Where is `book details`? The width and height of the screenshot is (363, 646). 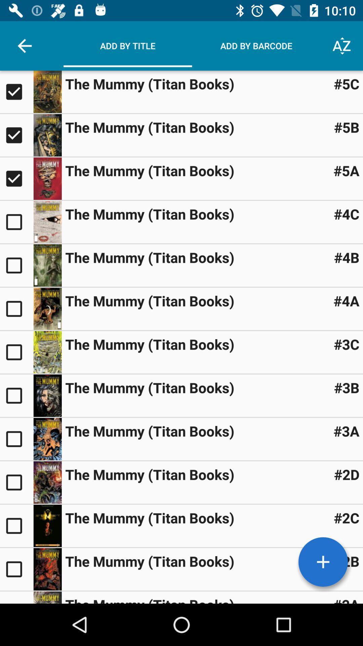 book details is located at coordinates (47, 222).